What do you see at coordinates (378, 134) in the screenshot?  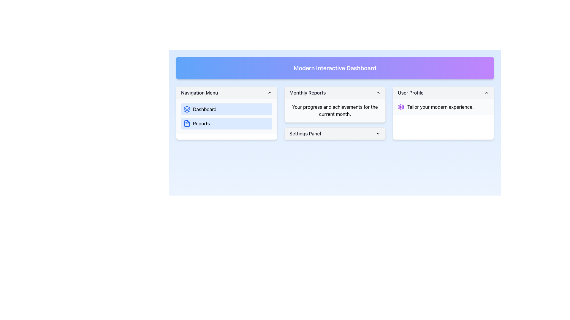 I see `the chevron-down arrow icon in the 'Settings Panel' header` at bounding box center [378, 134].